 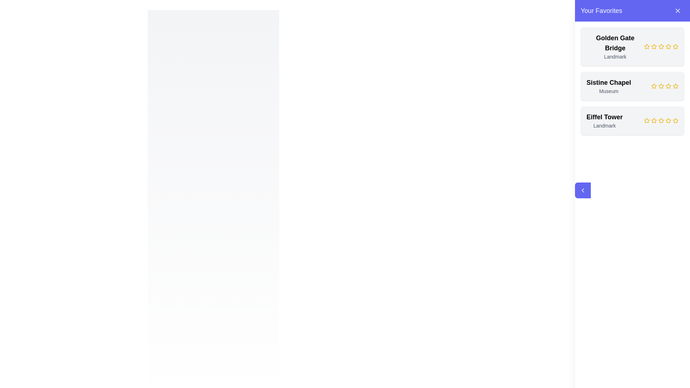 What do you see at coordinates (677, 11) in the screenshot?
I see `the 'X' icon in the top-right corner of the purple header labeled 'Your Favorites'` at bounding box center [677, 11].